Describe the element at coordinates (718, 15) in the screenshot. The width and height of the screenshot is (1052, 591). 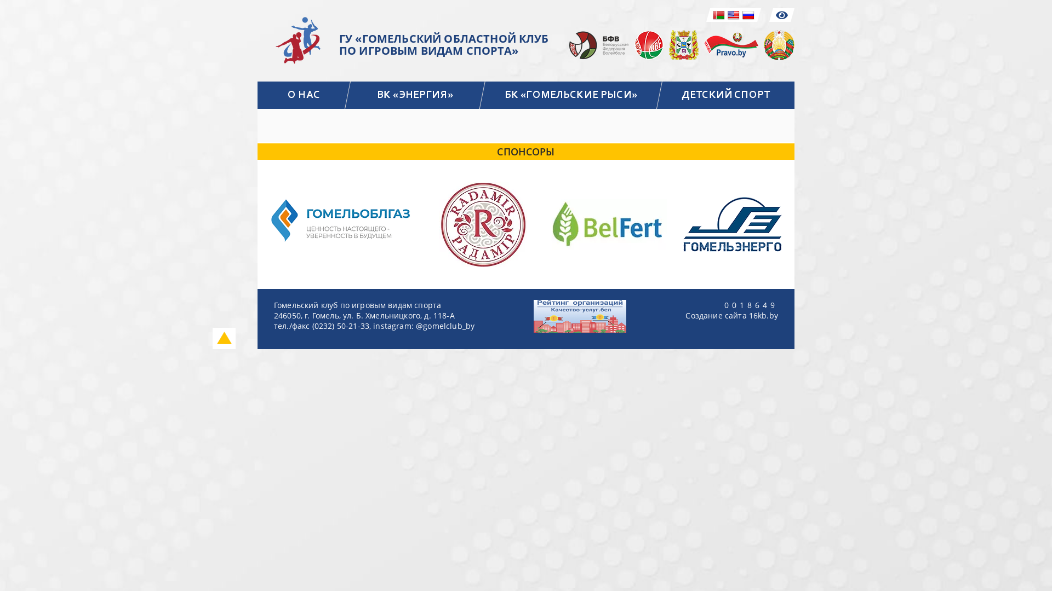
I see `'Belarusian'` at that location.